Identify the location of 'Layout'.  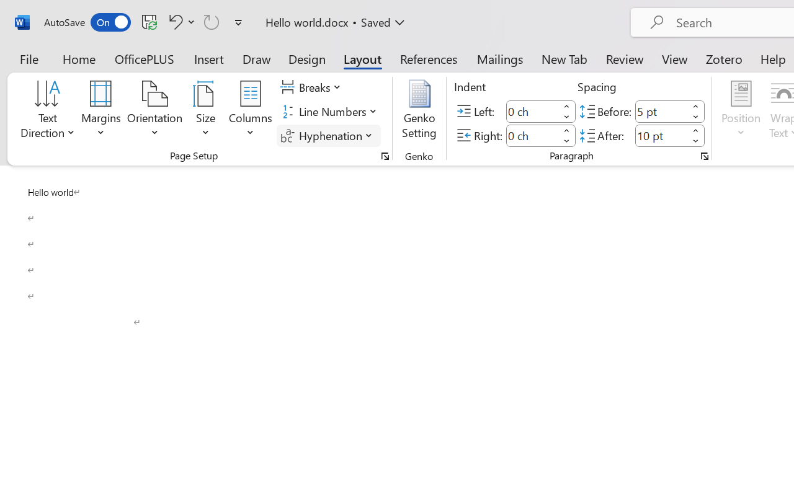
(362, 58).